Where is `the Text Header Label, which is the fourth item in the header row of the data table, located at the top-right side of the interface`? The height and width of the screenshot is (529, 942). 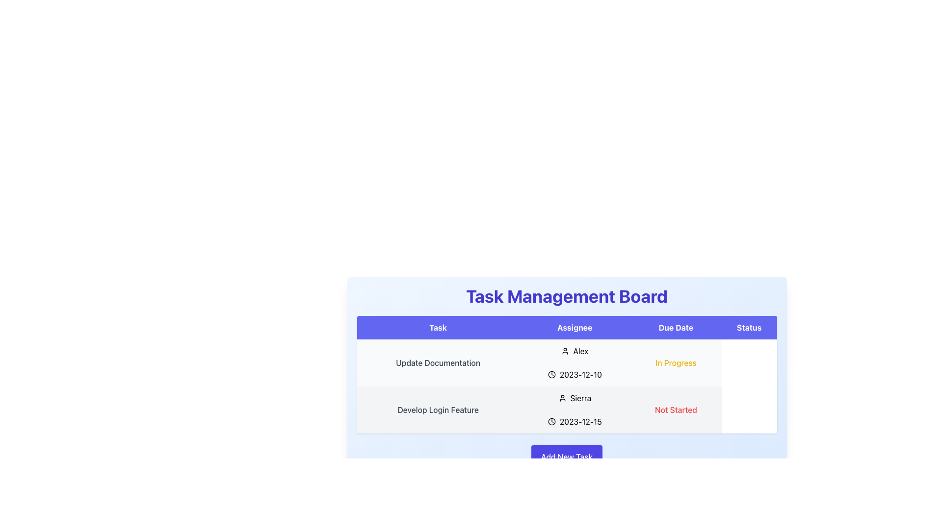 the Text Header Label, which is the fourth item in the header row of the data table, located at the top-right side of the interface is located at coordinates (749, 327).